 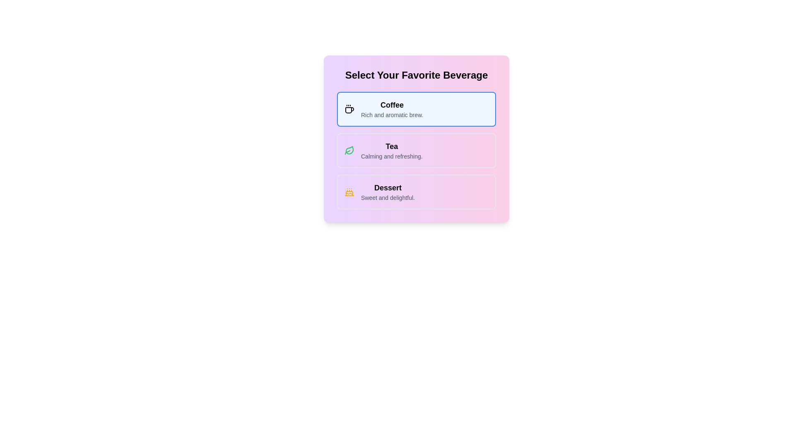 What do you see at coordinates (387, 188) in the screenshot?
I see `the text label displaying 'Dessert' in bold font, located above the description 'Sweet and delightful' within a box group at the bottom of the options list` at bounding box center [387, 188].